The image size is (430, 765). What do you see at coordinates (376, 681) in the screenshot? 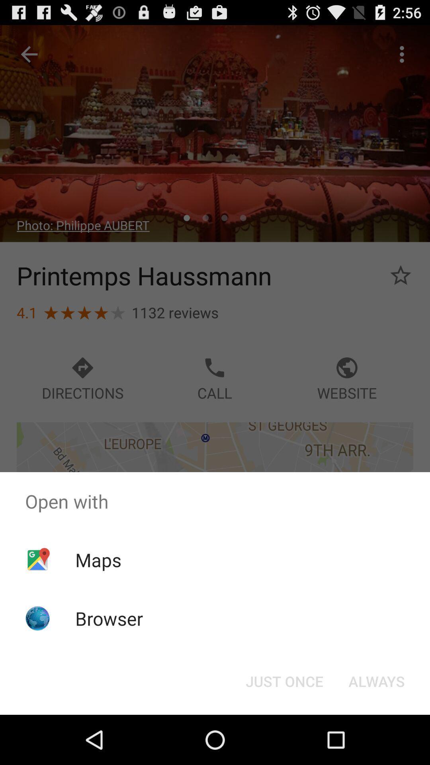
I see `the button next to the just once item` at bounding box center [376, 681].